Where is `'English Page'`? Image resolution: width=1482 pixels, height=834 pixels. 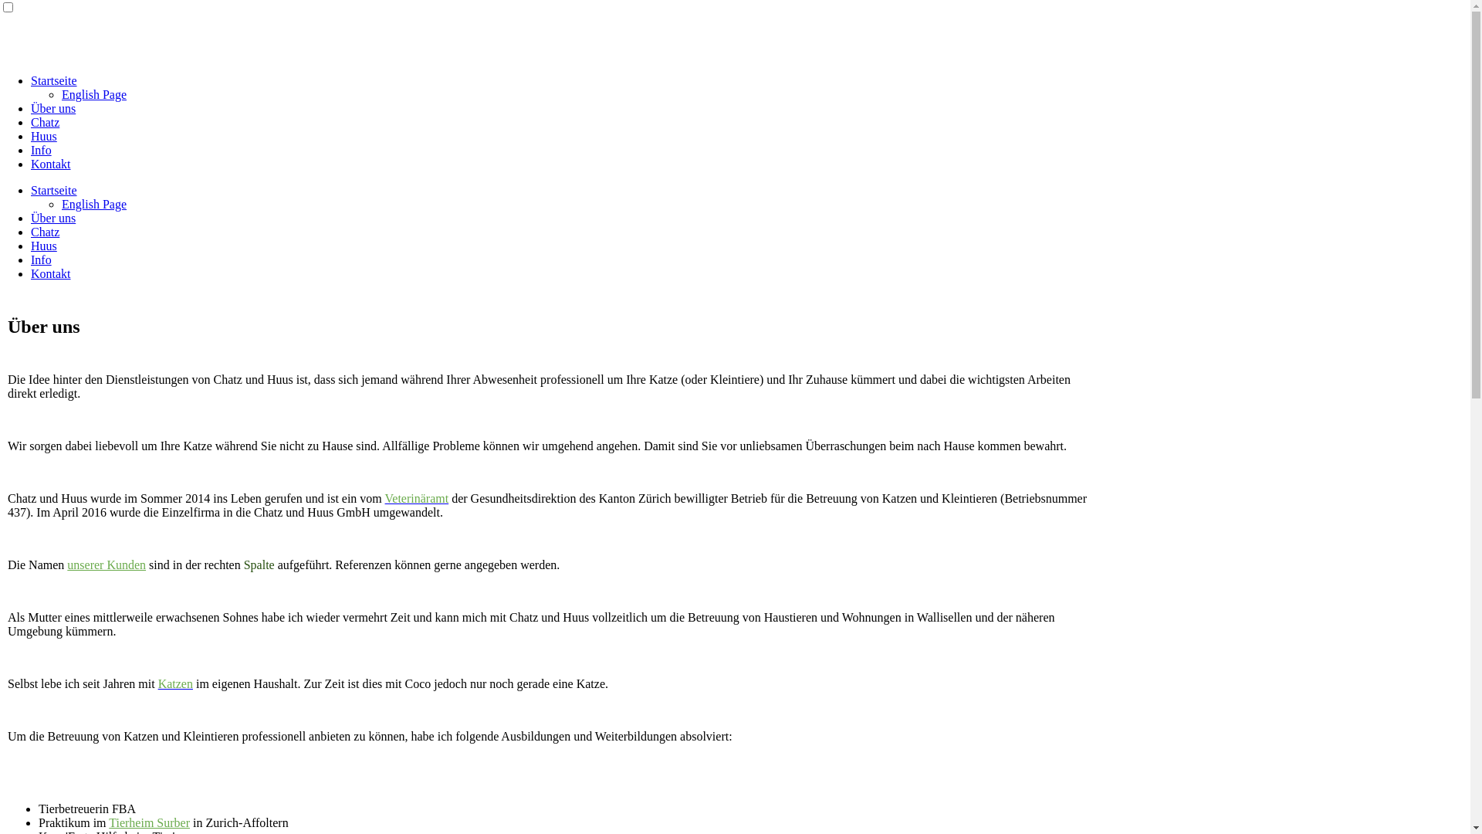 'English Page' is located at coordinates (62, 94).